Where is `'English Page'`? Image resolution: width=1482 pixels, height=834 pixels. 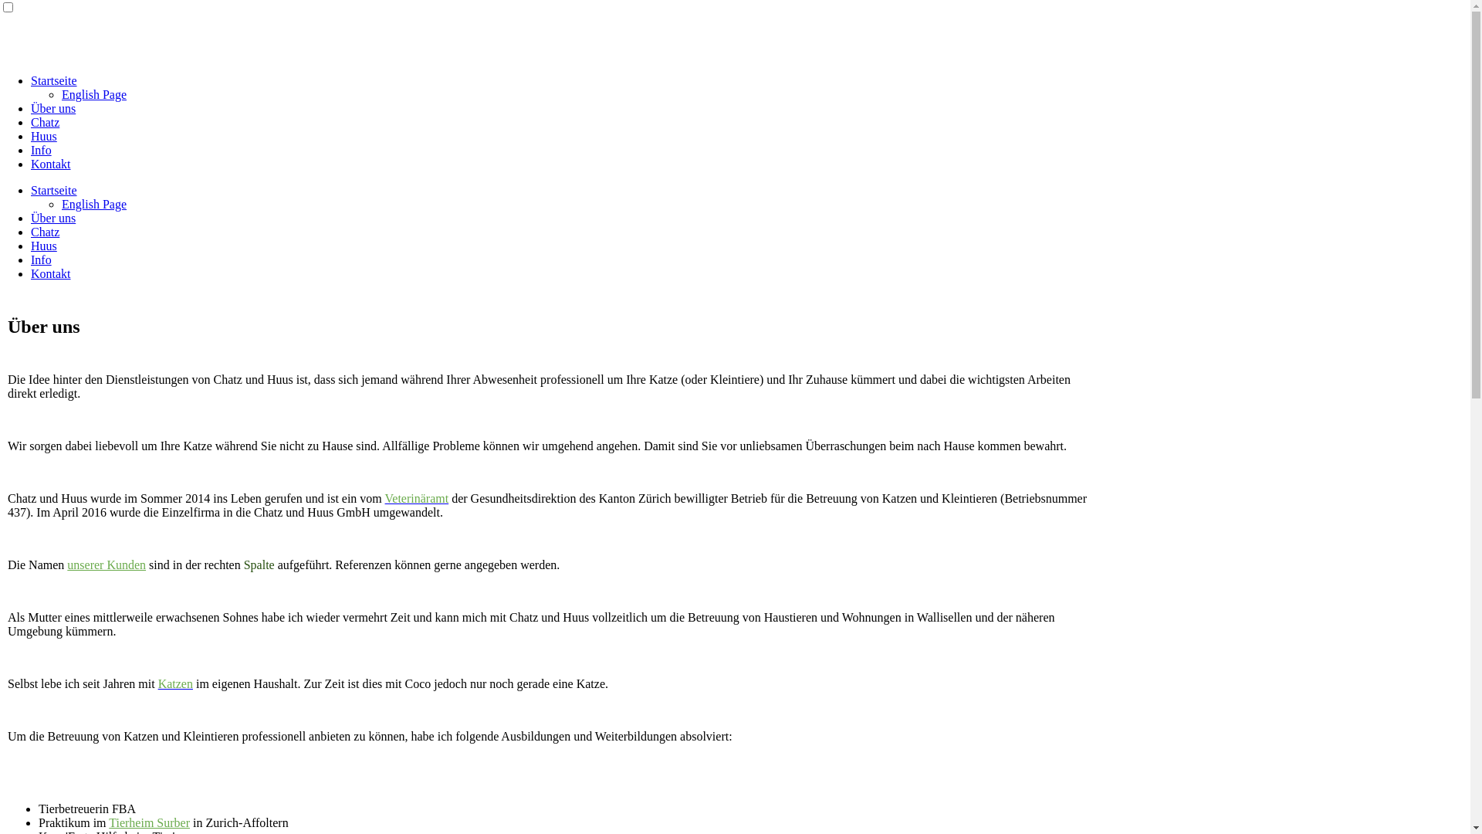 'English Page' is located at coordinates (62, 94).